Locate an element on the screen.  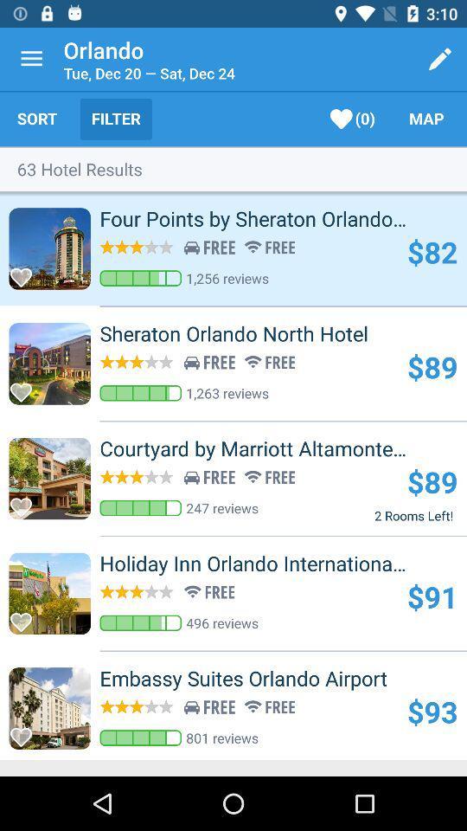
like as favourite button is located at coordinates (25, 387).